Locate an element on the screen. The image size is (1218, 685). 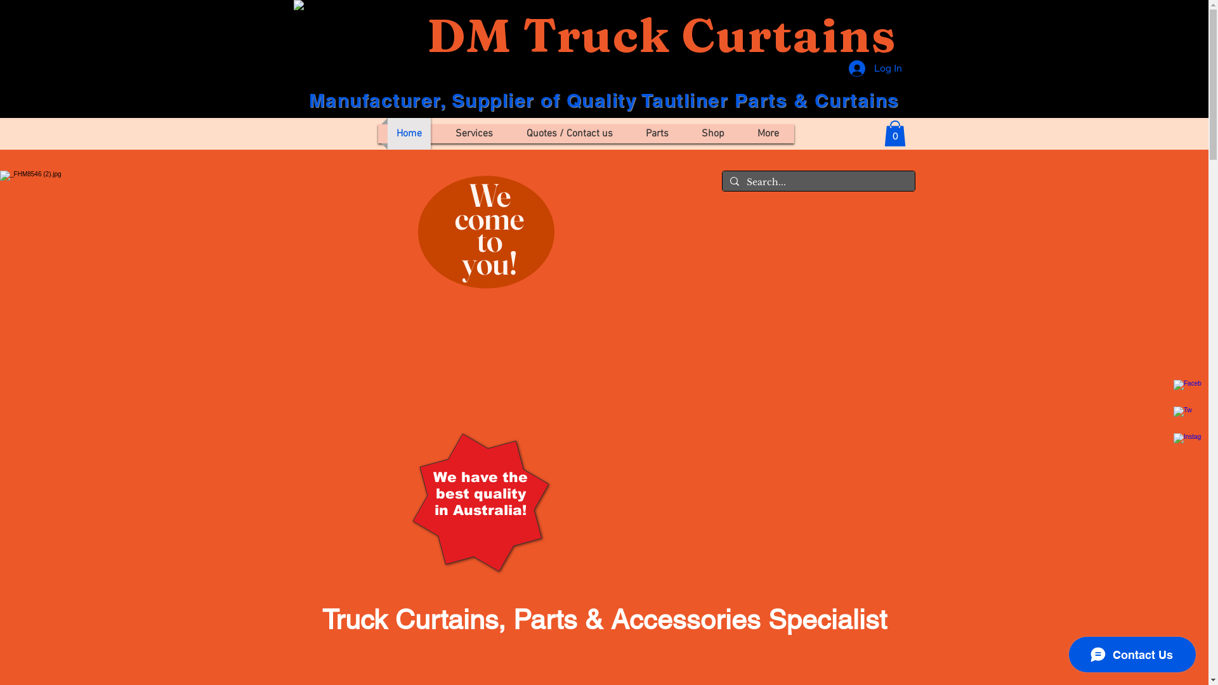
'0' is located at coordinates (894, 133).